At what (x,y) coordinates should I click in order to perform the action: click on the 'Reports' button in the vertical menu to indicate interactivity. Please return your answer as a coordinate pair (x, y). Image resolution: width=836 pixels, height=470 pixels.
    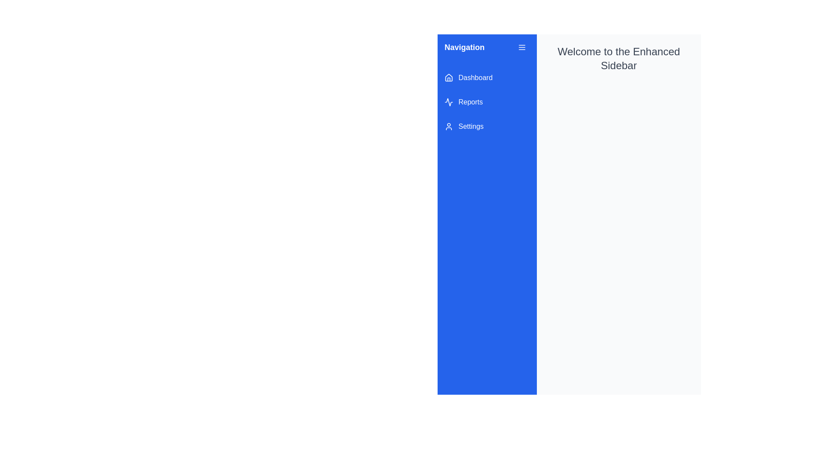
    Looking at the image, I should click on (486, 102).